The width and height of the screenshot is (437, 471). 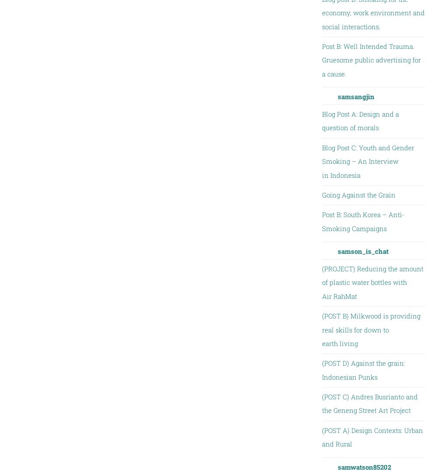 What do you see at coordinates (369, 403) in the screenshot?
I see `'(POST C) Andres Busrianto and the Geneng Street Art Project'` at bounding box center [369, 403].